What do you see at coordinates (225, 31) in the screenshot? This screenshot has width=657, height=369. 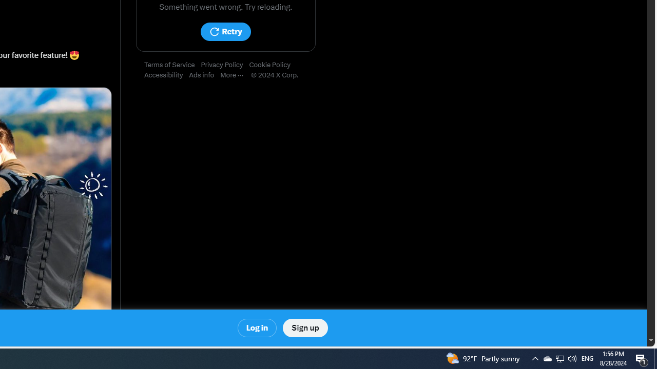 I see `'Retry'` at bounding box center [225, 31].